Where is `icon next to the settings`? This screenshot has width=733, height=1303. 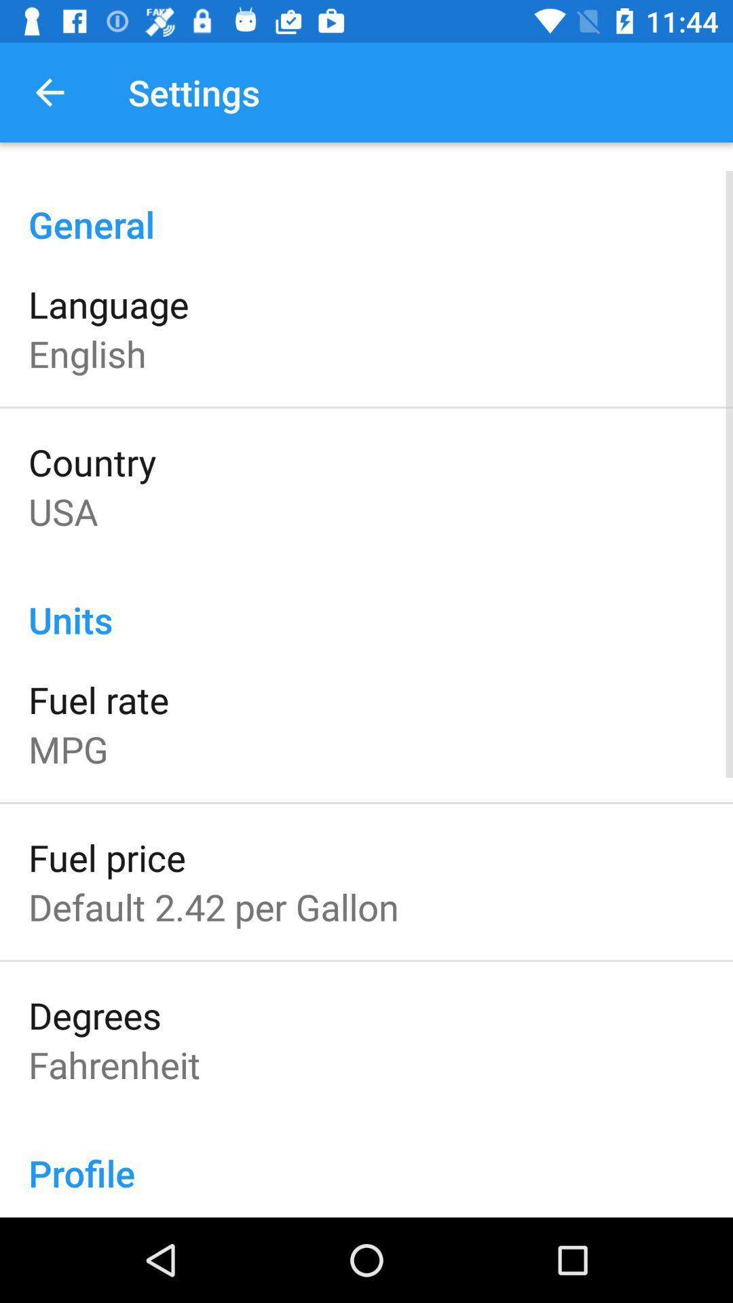 icon next to the settings is located at coordinates (49, 92).